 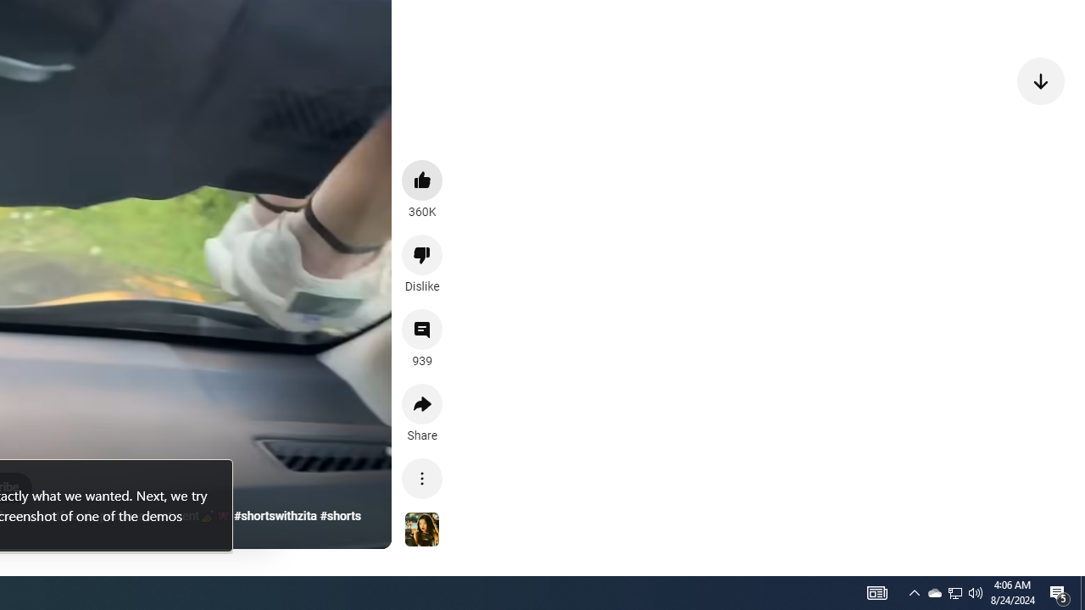 What do you see at coordinates (422, 404) in the screenshot?
I see `'Share'` at bounding box center [422, 404].